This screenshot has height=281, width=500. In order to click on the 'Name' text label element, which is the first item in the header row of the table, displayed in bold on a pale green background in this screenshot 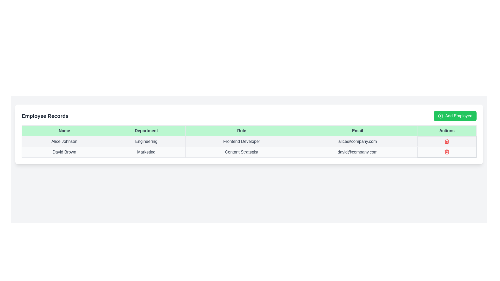, I will do `click(64, 130)`.